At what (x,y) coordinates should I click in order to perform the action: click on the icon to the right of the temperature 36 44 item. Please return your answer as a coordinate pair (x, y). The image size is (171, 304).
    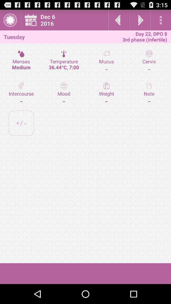
    Looking at the image, I should click on (106, 93).